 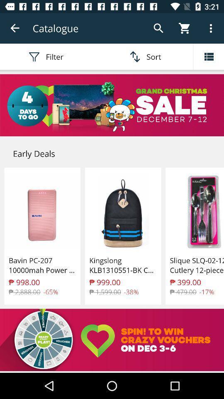 I want to click on menu, so click(x=208, y=56).